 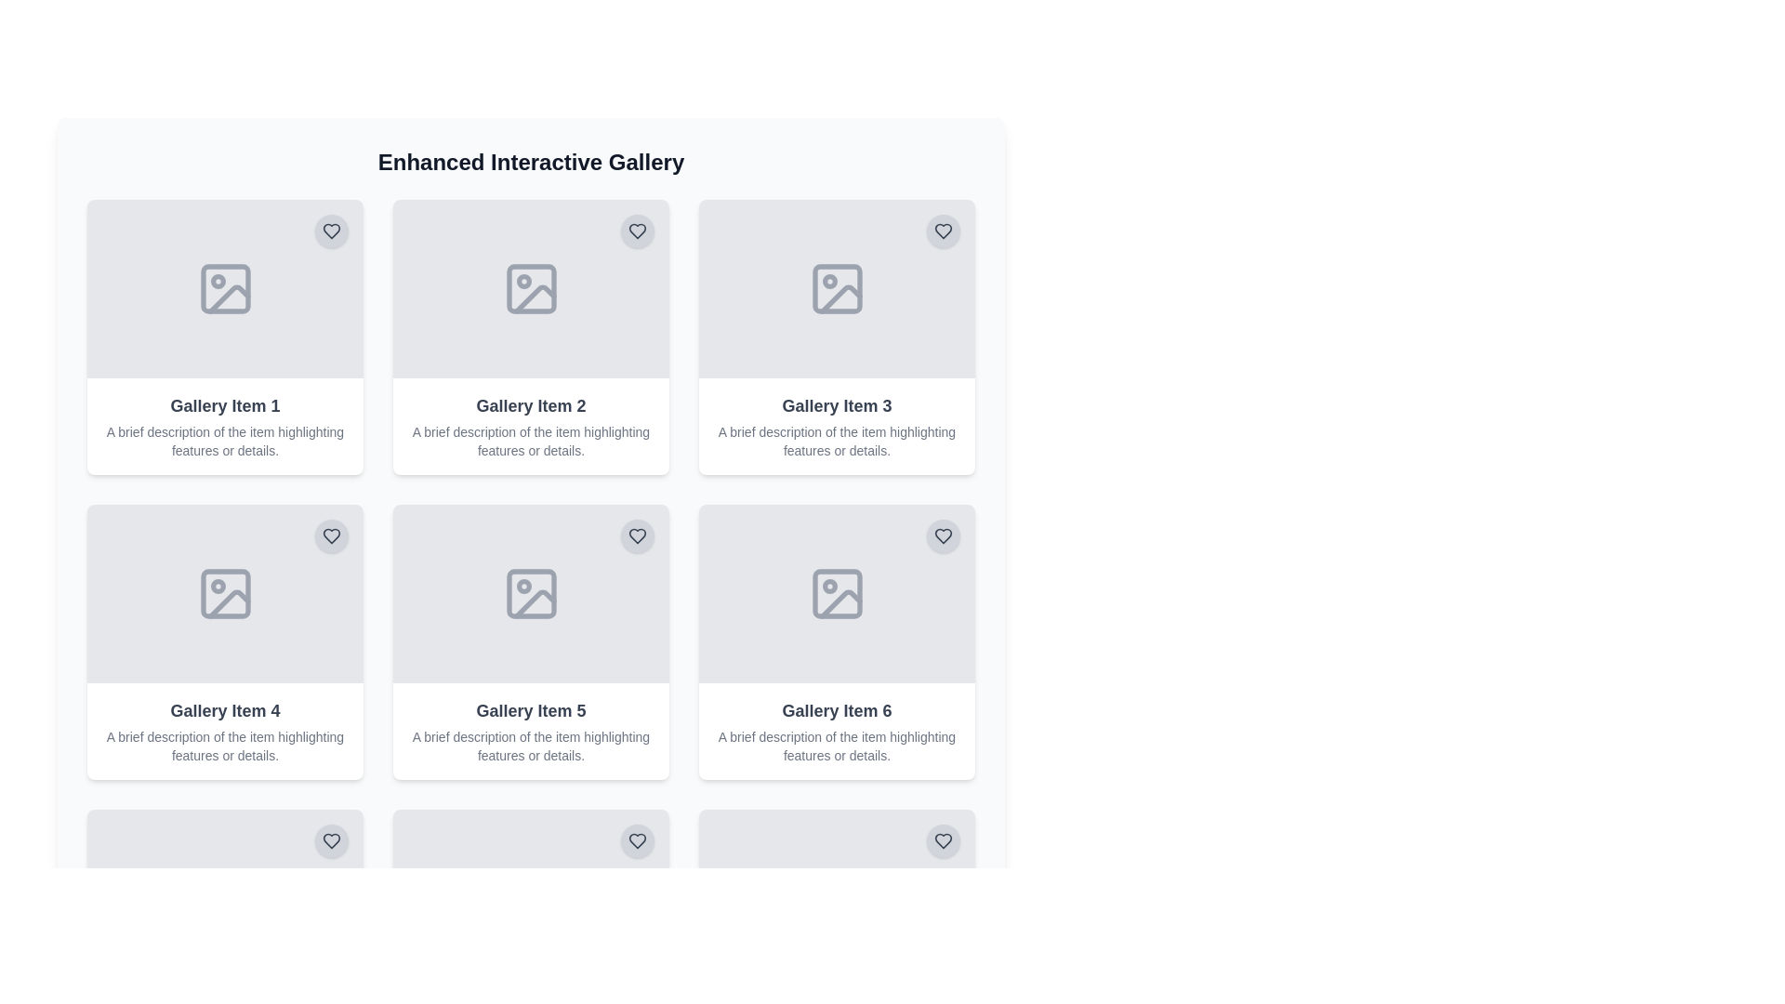 I want to click on text content of the title label for the gallery item located in the top-left cell of the grid layout, so click(x=224, y=404).